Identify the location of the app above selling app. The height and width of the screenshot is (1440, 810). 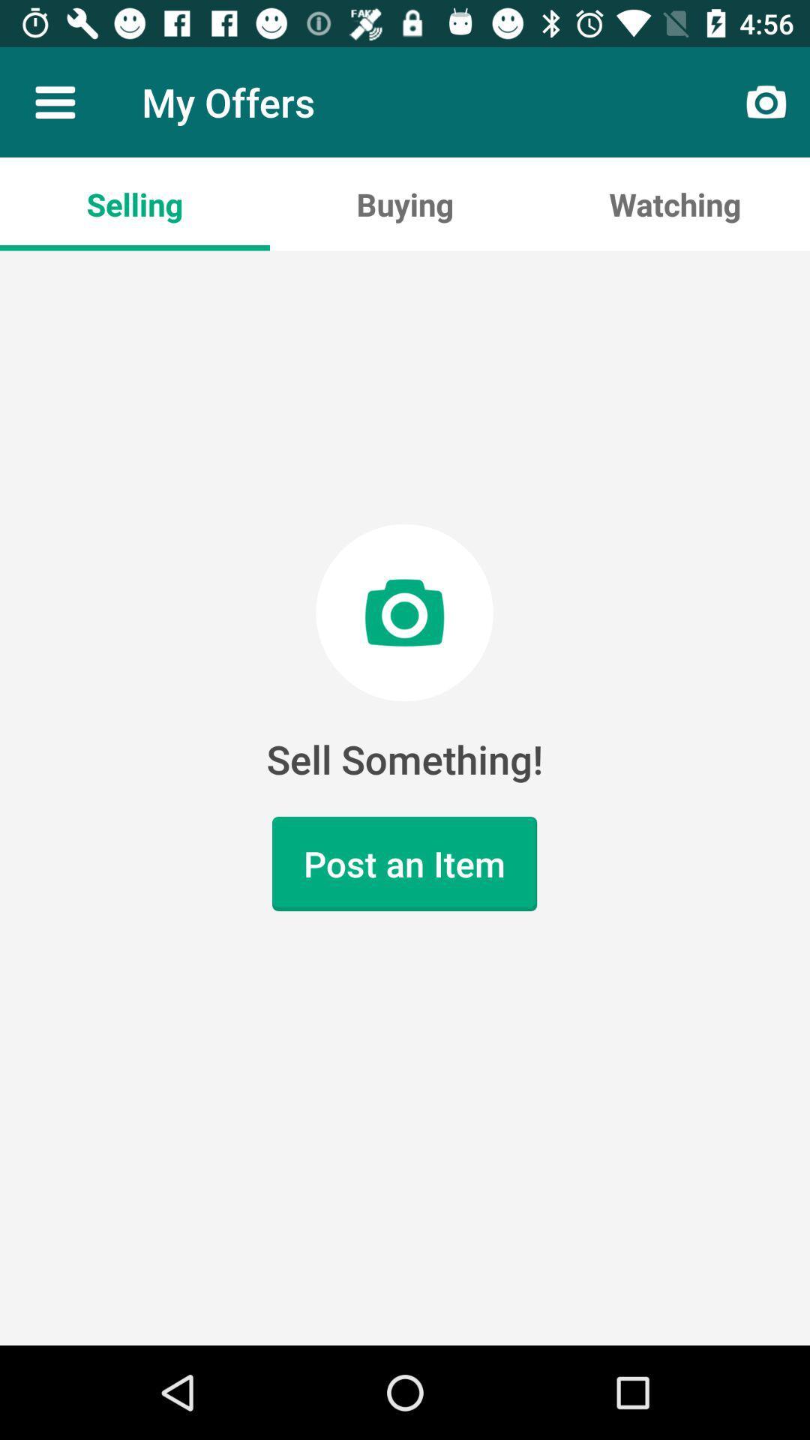
(54, 101).